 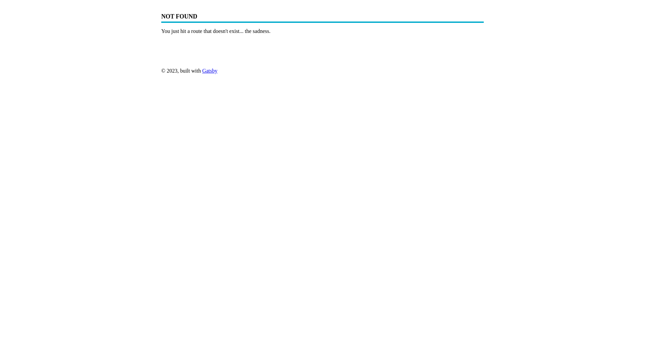 I want to click on 'Gatsby', so click(x=209, y=71).